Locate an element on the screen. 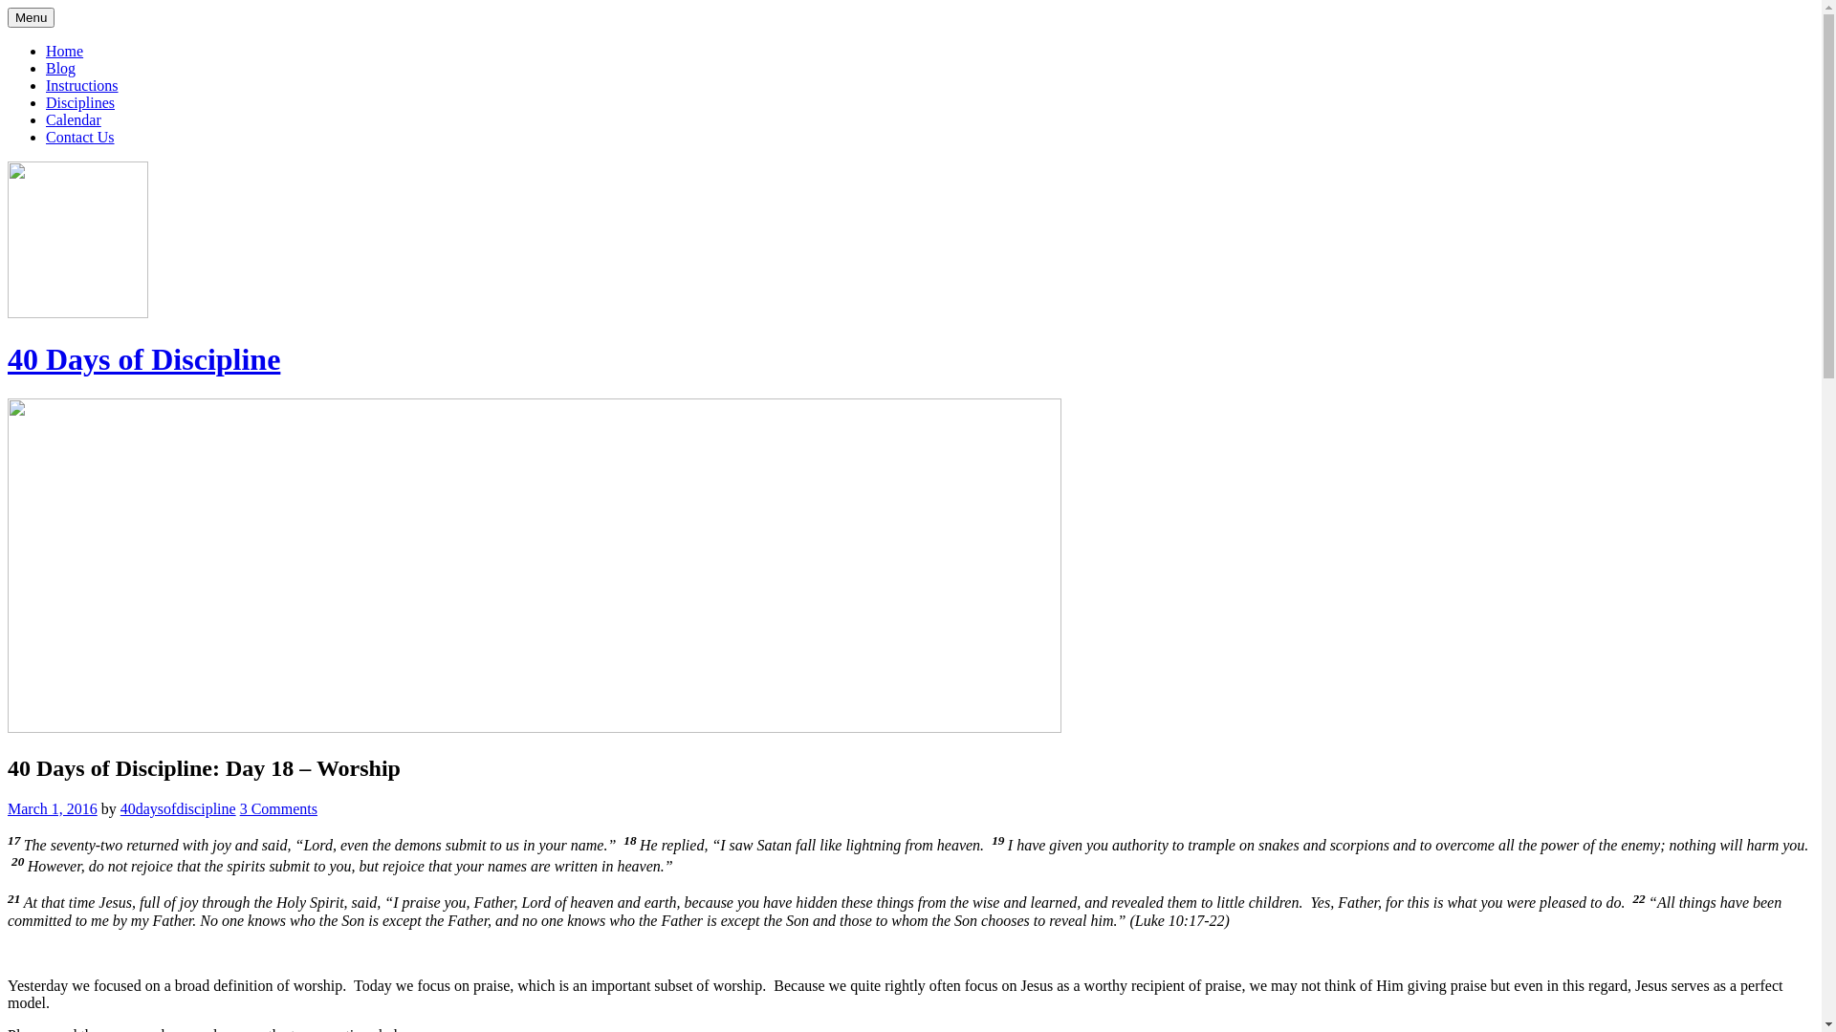 The height and width of the screenshot is (1032, 1836). '3 Comments' is located at coordinates (277, 808).